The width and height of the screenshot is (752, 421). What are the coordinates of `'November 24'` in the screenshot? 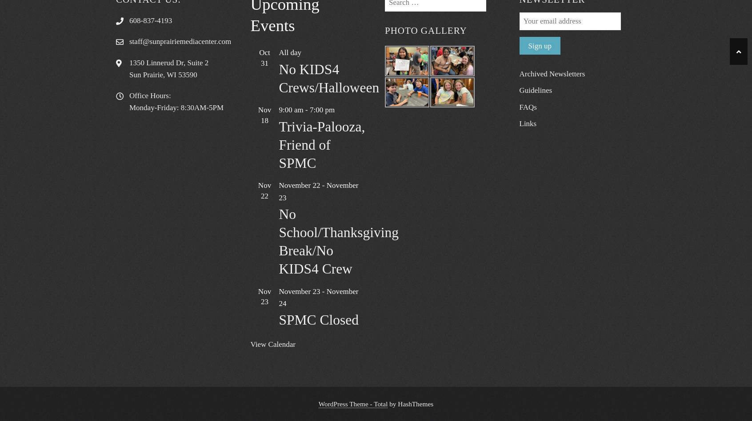 It's located at (278, 297).